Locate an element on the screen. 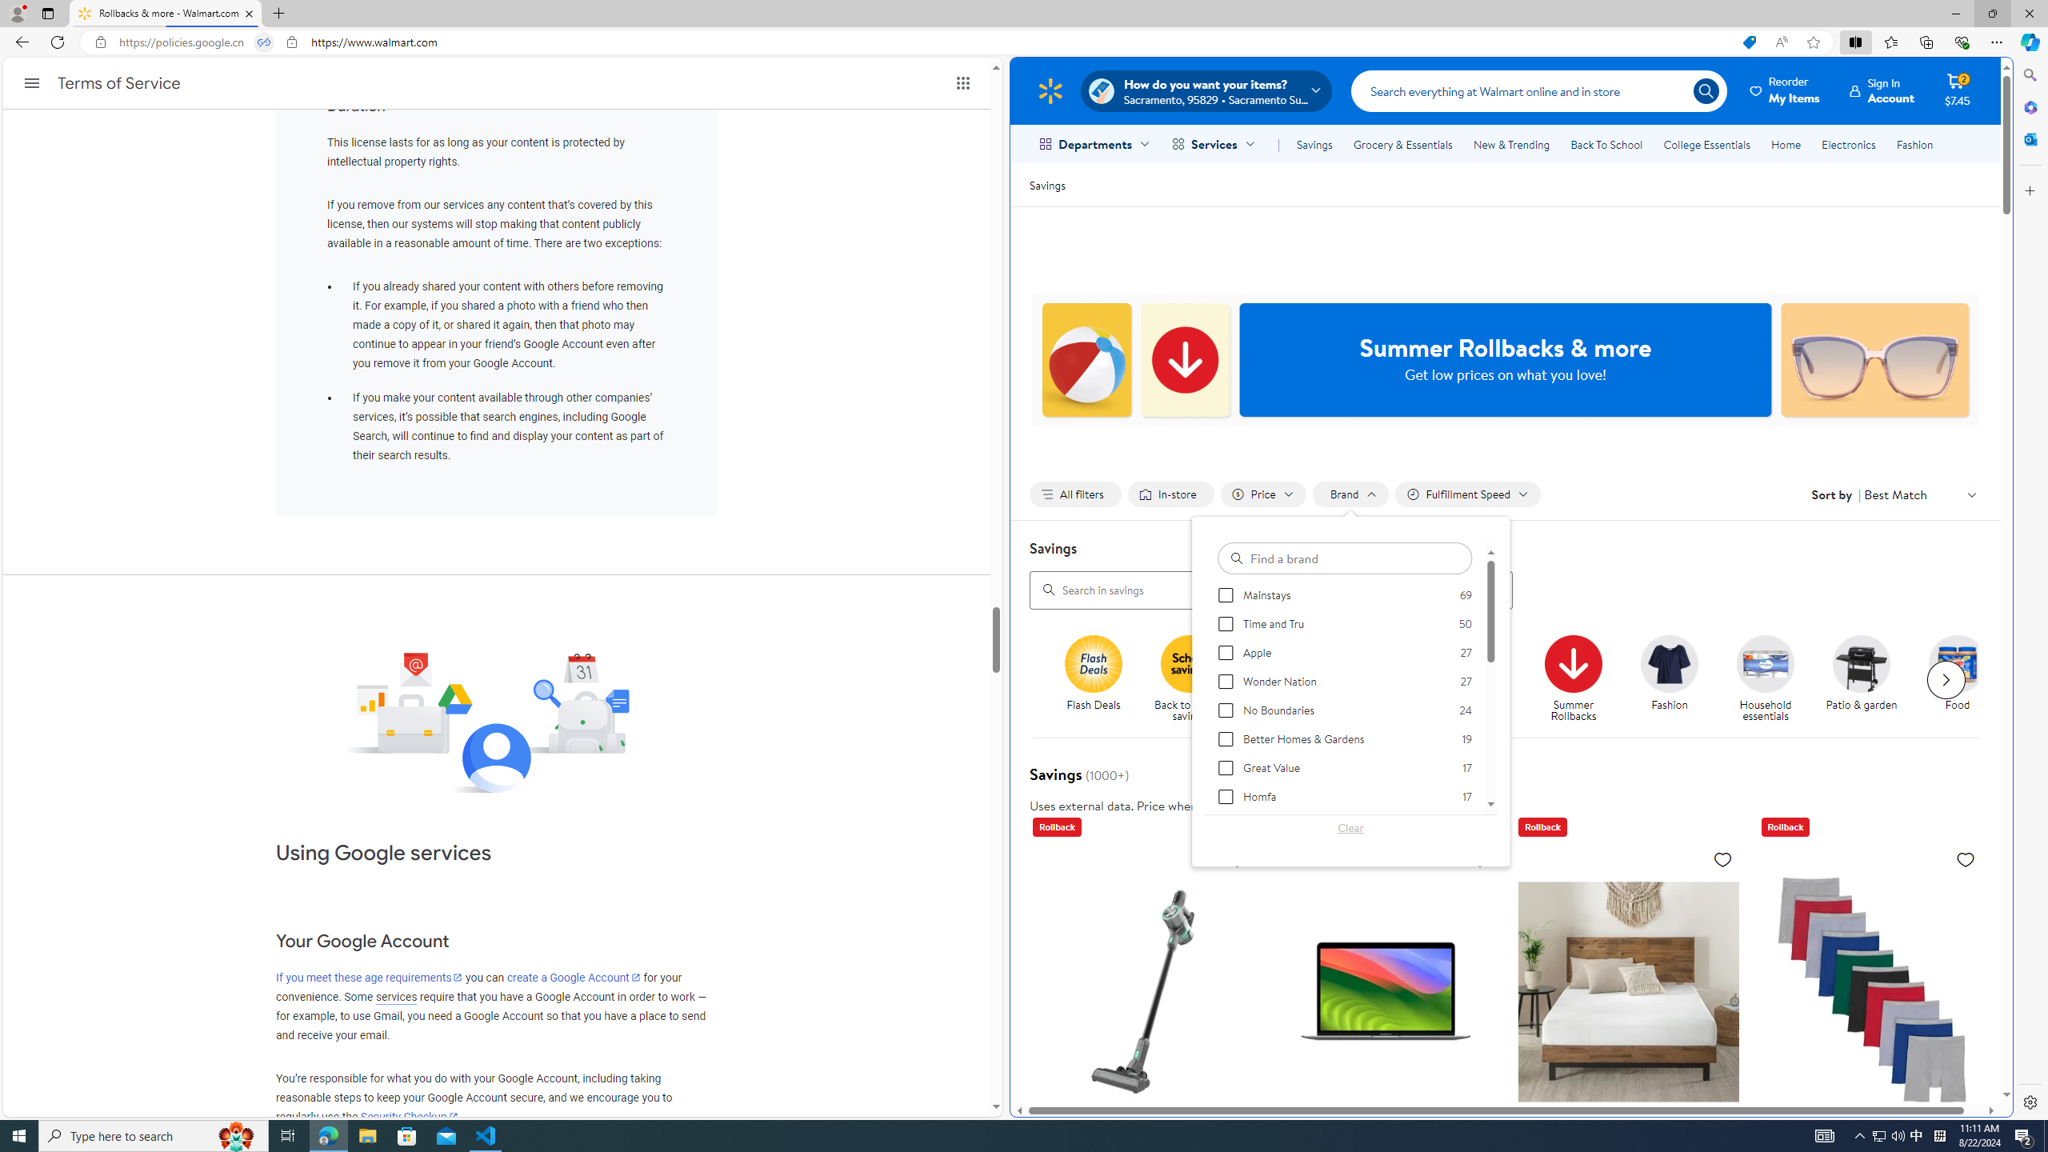 This screenshot has height=1152, width=2048. 'Back to College savings' is located at coordinates (1285, 662).